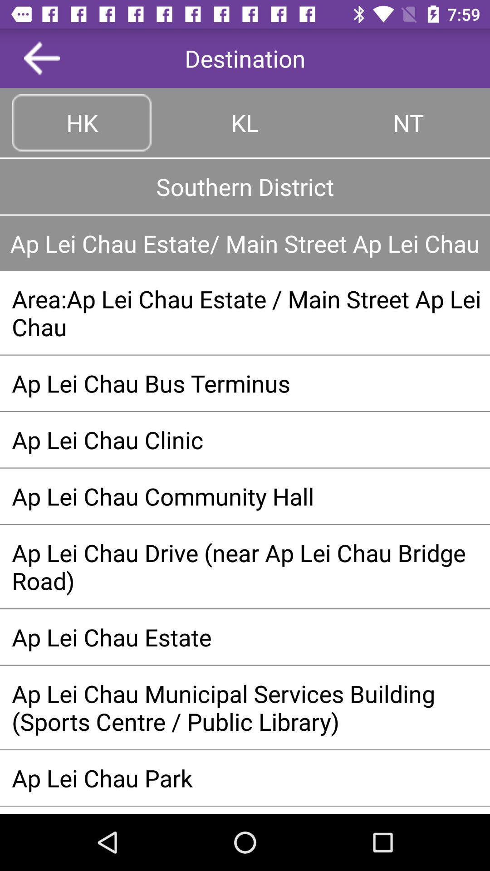 The height and width of the screenshot is (871, 490). I want to click on app to the left of the destination app, so click(42, 58).